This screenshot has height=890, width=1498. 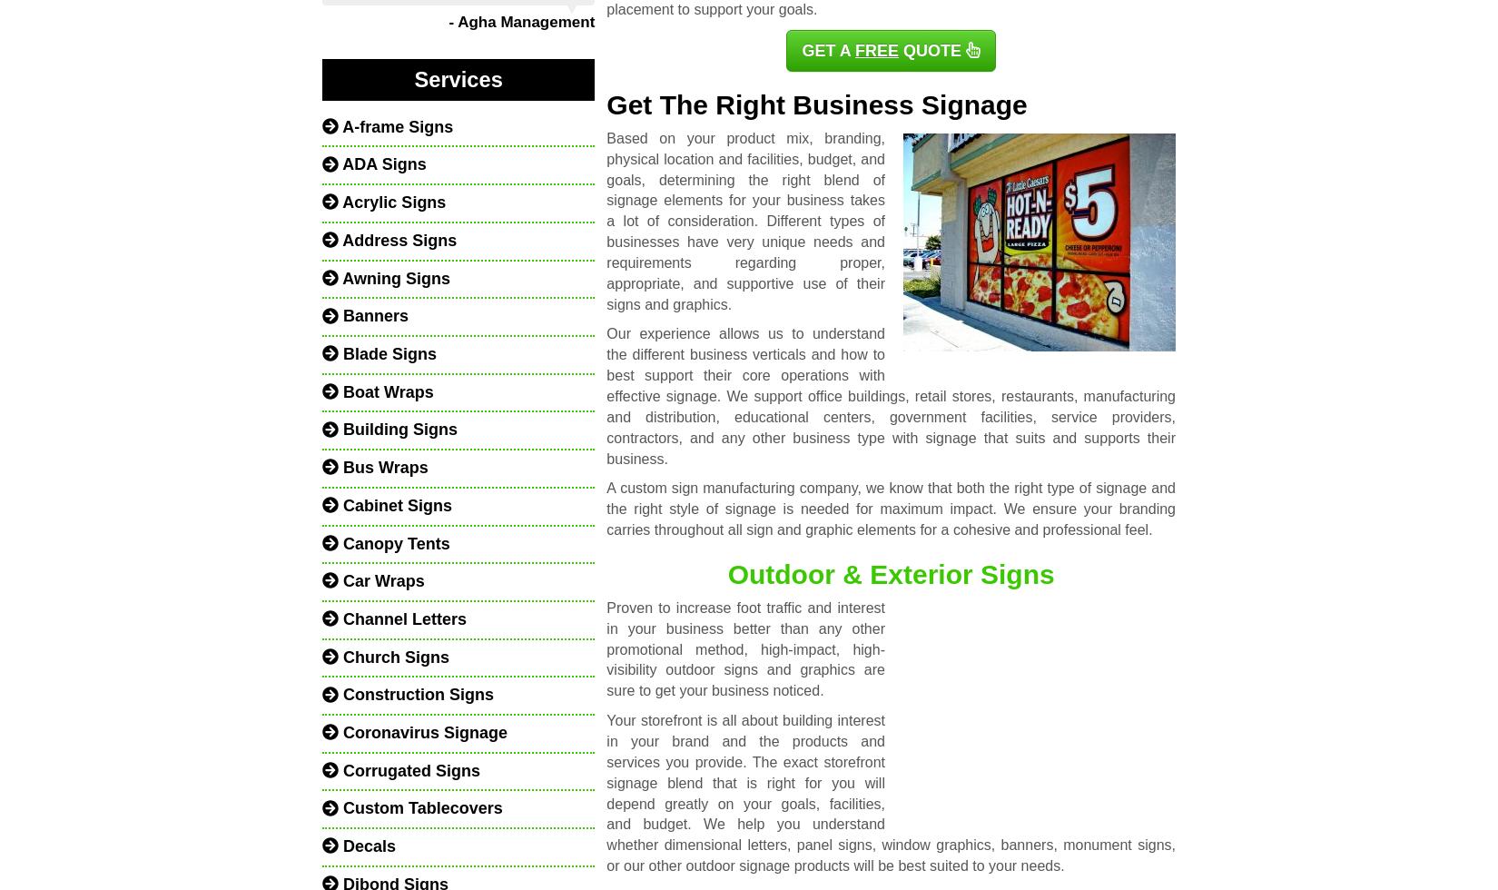 What do you see at coordinates (890, 793) in the screenshot?
I see `'Your storefront is all about building interest in your brand and the products and services you provide. The exact storefront signage blend that is right for you will depend greatly on your goals, facilities, and budget. We help you understand whether dimensional letters, panel signs, window graphics, banners, monument signs, or our other outdoor signage products will be best suited to your needs.'` at bounding box center [890, 793].